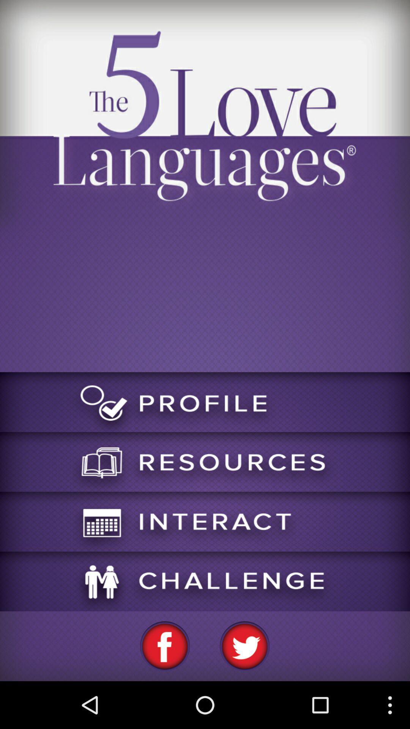 Image resolution: width=410 pixels, height=729 pixels. What do you see at coordinates (205, 461) in the screenshot?
I see `click resource` at bounding box center [205, 461].